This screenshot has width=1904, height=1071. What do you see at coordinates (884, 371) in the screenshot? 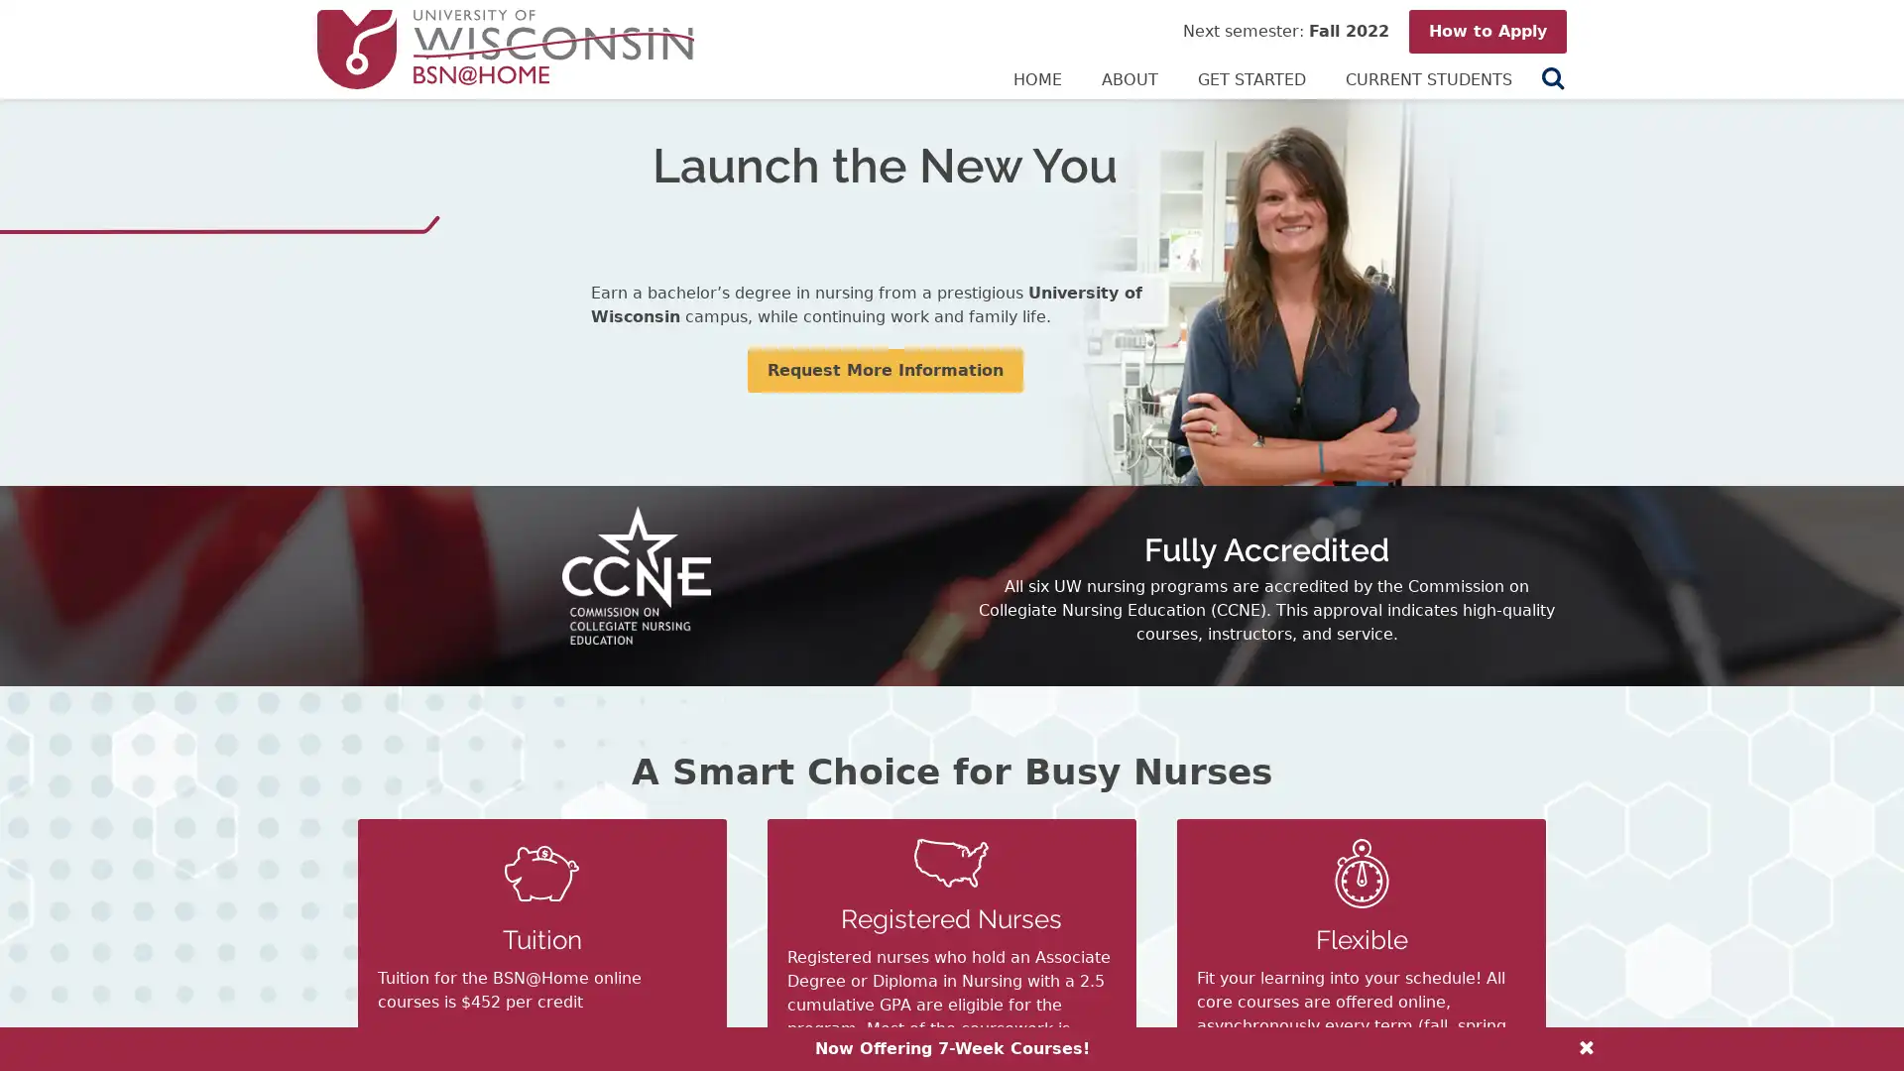
I see `Request More Information` at bounding box center [884, 371].